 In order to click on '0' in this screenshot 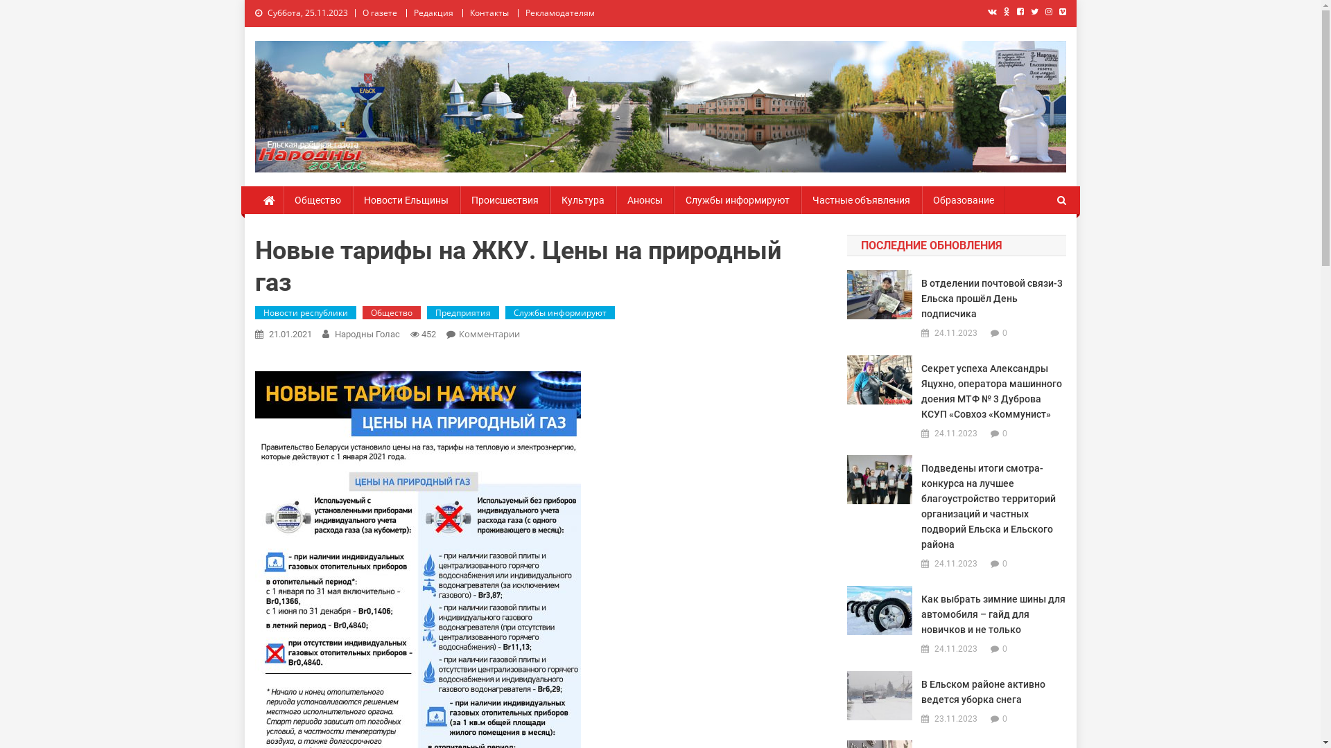, I will do `click(1004, 718)`.